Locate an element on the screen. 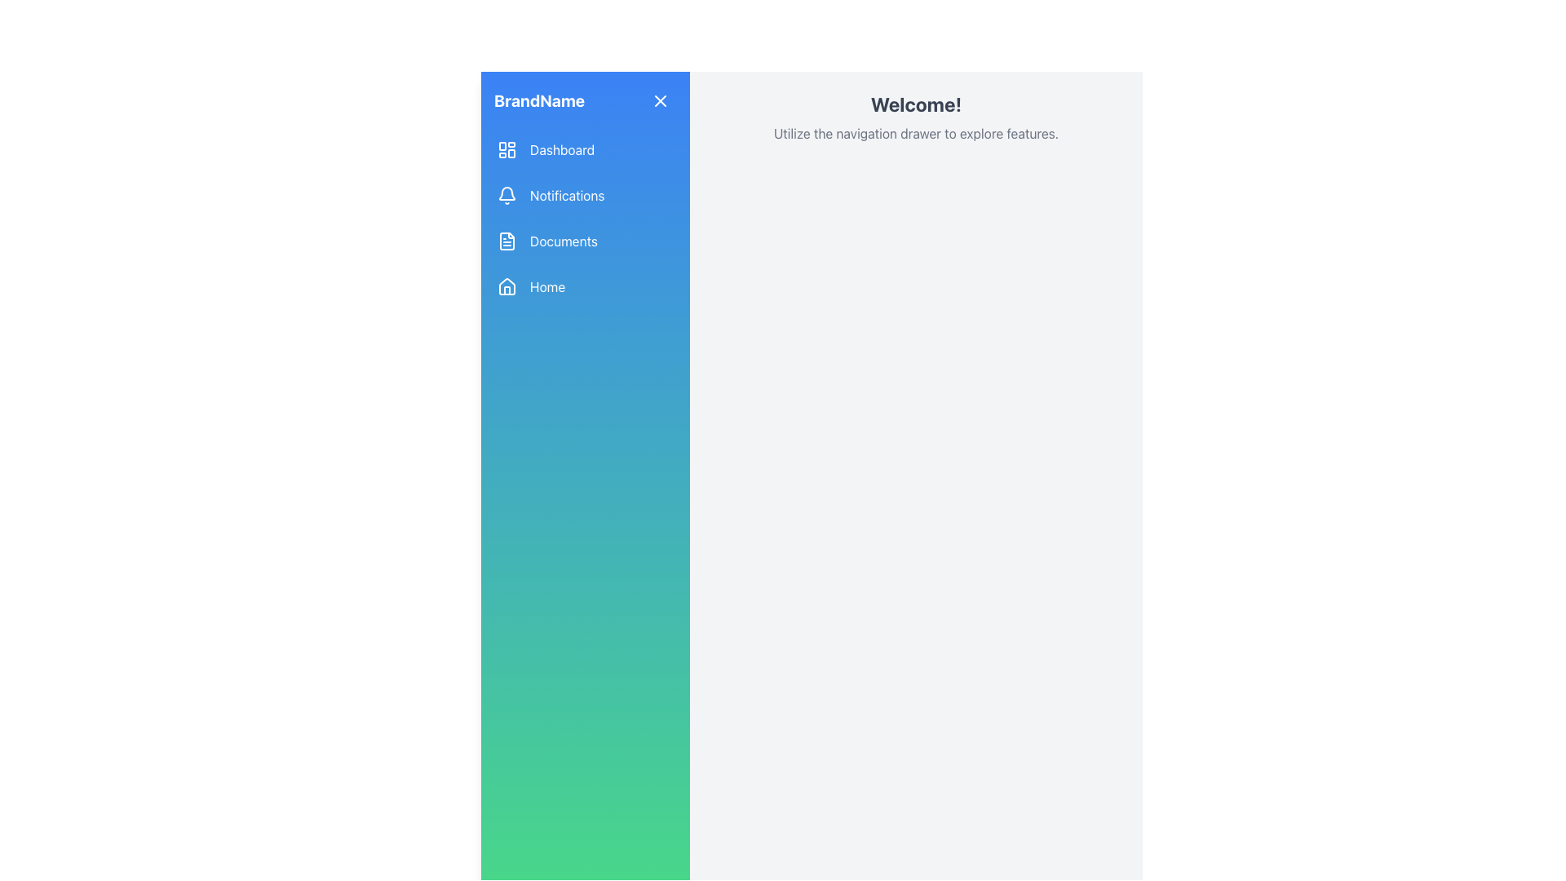  the SVG rectangle shape that represents the dashboard functionality in the navigation menu, located in the third row from the top, aligned with the text 'Dashboard' is located at coordinates (511, 153).